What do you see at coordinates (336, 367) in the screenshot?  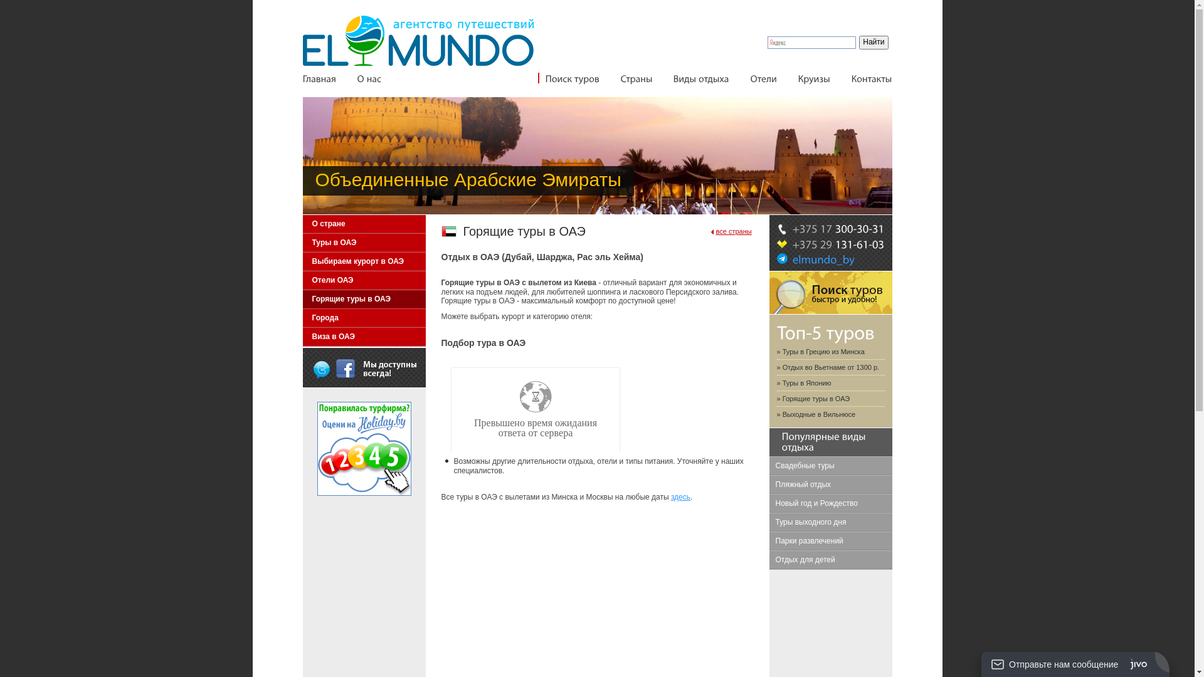 I see `' '` at bounding box center [336, 367].